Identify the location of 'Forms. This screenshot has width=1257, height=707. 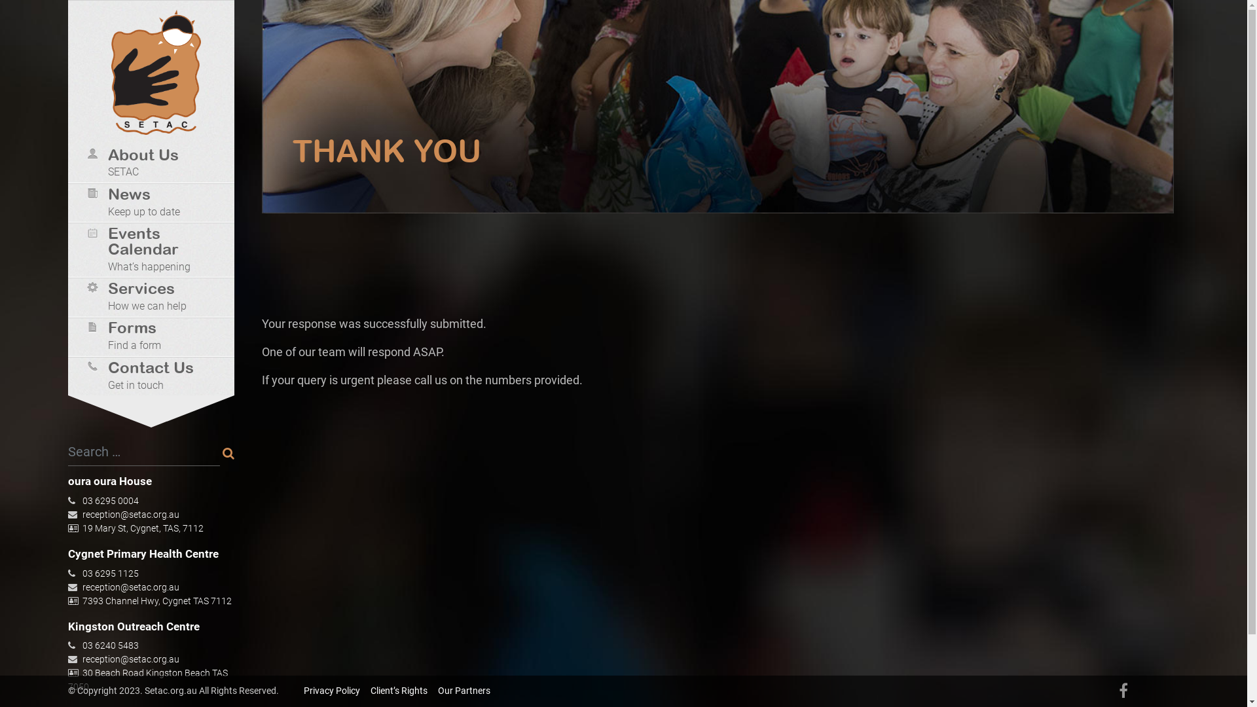
(156, 337).